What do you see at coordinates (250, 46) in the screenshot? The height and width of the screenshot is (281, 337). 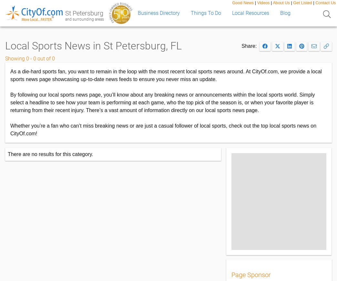 I see `'Share:'` at bounding box center [250, 46].